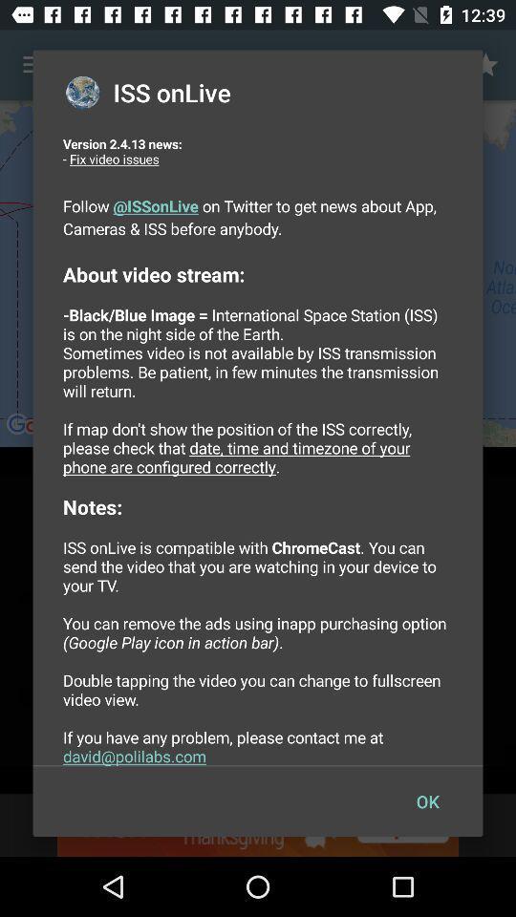 This screenshot has width=516, height=917. What do you see at coordinates (427, 801) in the screenshot?
I see `item below the version 2 4 icon` at bounding box center [427, 801].